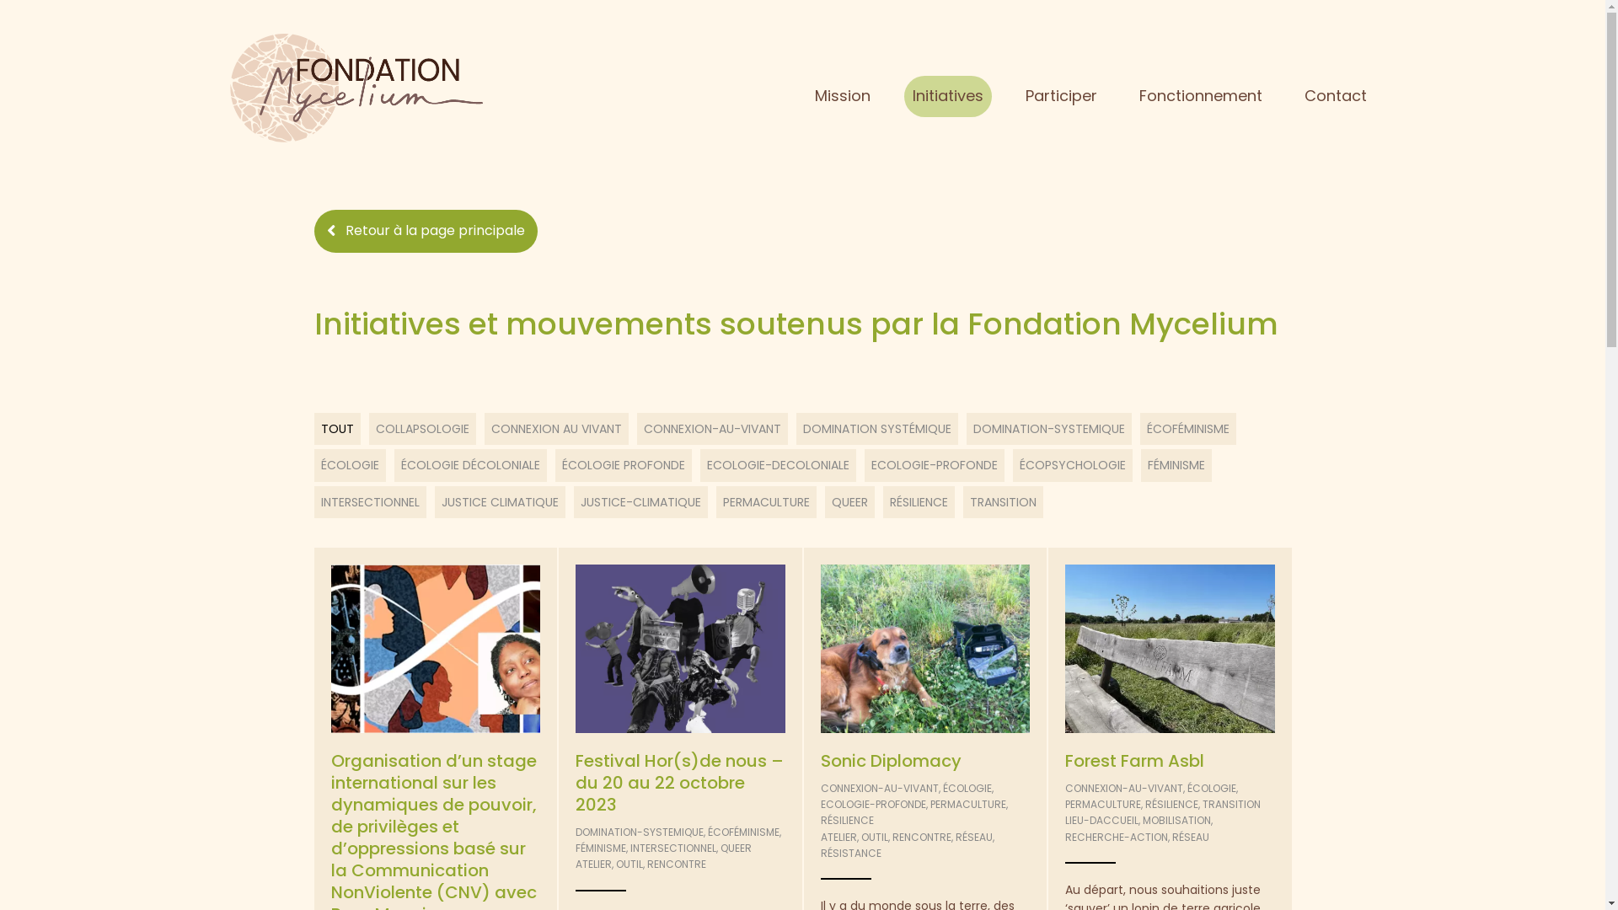 Image resolution: width=1618 pixels, height=910 pixels. Describe the element at coordinates (575, 864) in the screenshot. I see `'ATELIER'` at that location.